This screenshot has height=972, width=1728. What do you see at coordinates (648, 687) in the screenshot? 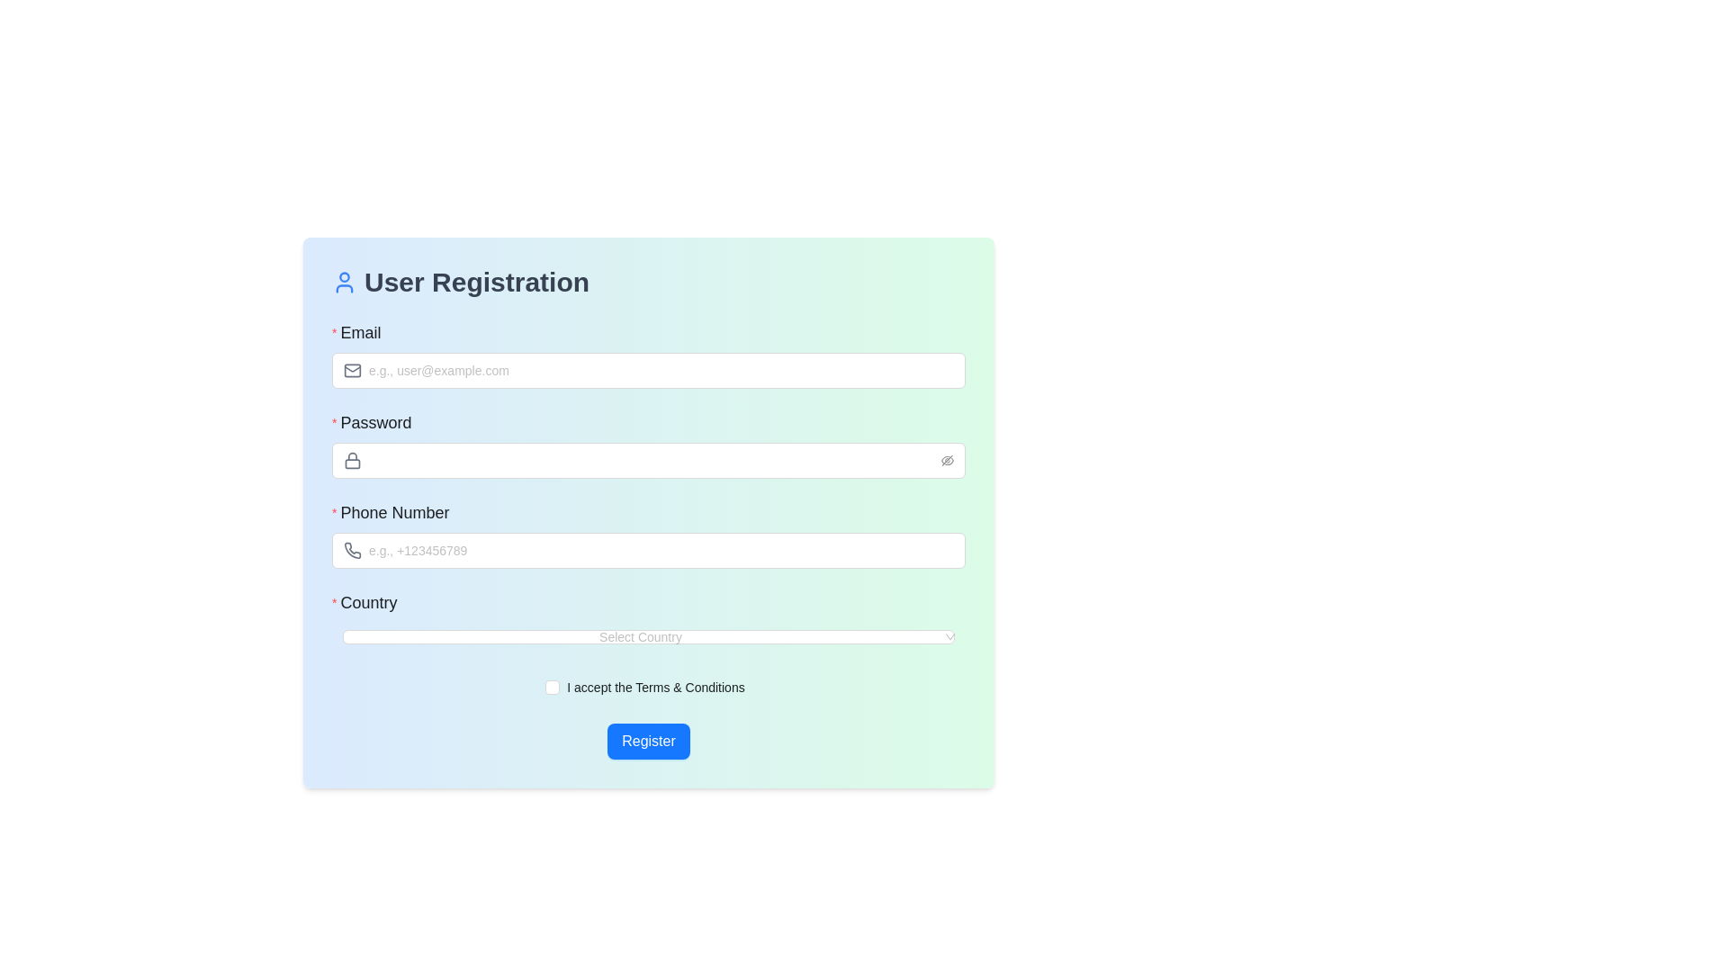
I see `the hyperlink associated with the checkbox that allows users to agree to the terms and conditions before submitting the form` at bounding box center [648, 687].